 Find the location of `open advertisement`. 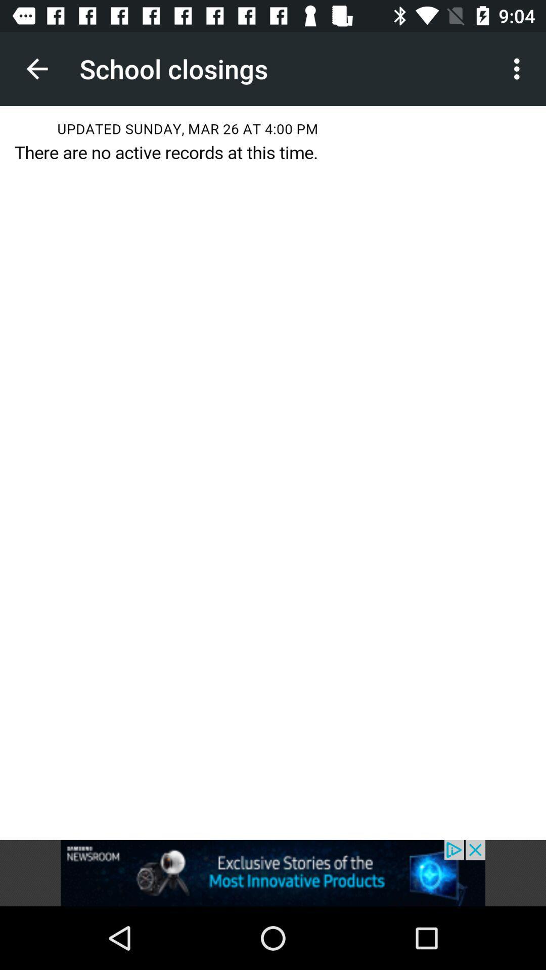

open advertisement is located at coordinates (273, 872).